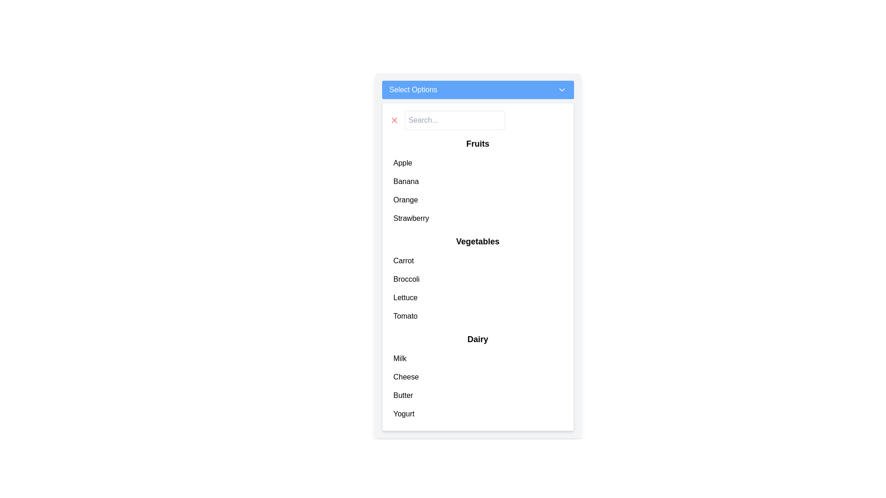 Image resolution: width=886 pixels, height=498 pixels. What do you see at coordinates (478, 297) in the screenshot?
I see `the 'Lettuce' item in the 'Vegetables' dropdown list` at bounding box center [478, 297].